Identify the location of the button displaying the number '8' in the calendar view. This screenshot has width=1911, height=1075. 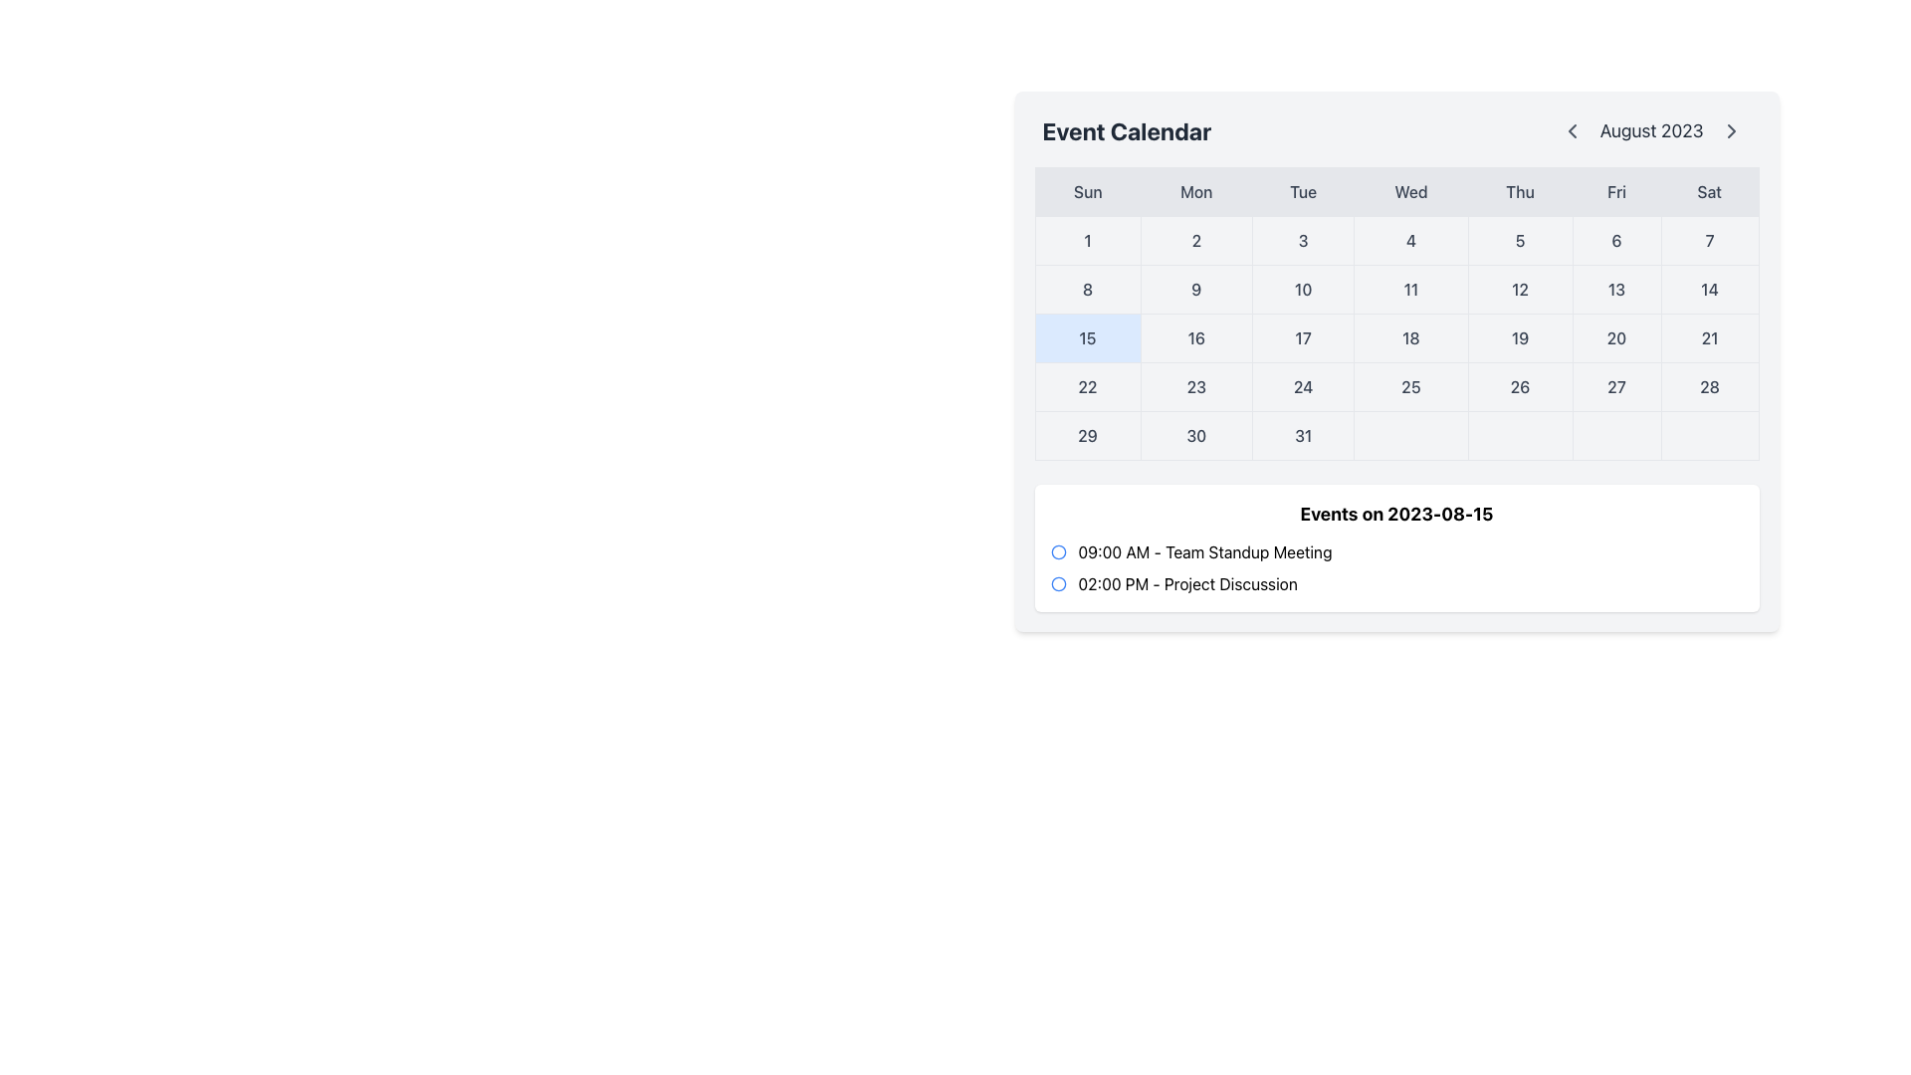
(1087, 289).